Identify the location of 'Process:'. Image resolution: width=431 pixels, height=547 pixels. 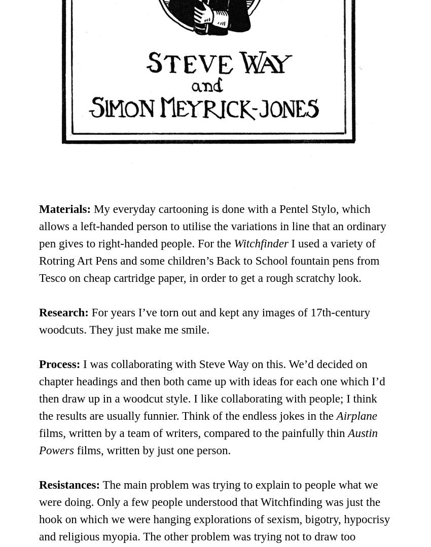
(59, 363).